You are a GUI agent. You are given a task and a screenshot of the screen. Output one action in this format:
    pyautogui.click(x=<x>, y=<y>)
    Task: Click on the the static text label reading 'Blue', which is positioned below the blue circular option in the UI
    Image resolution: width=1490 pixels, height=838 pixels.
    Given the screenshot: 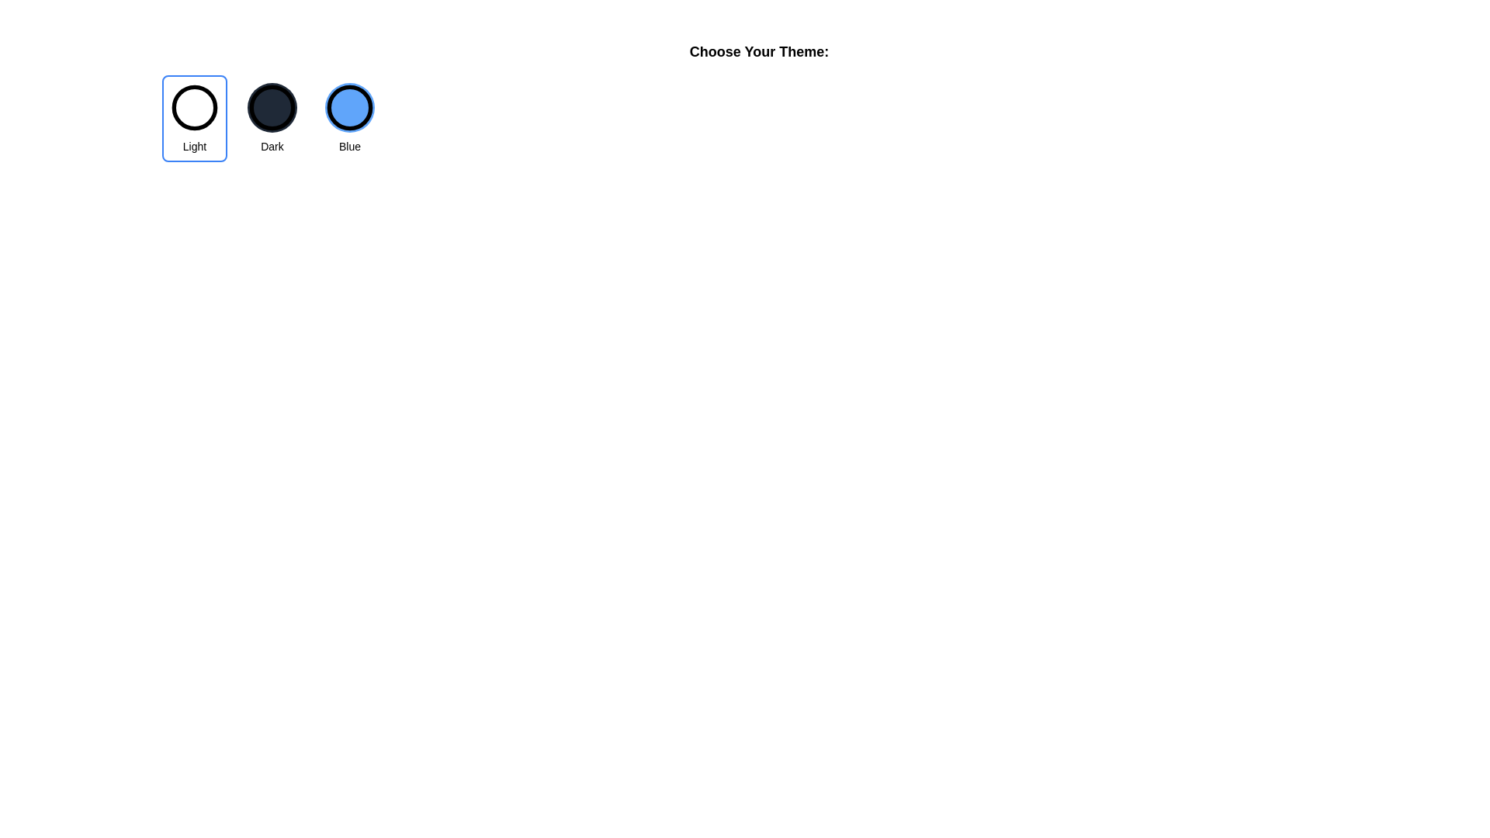 What is the action you would take?
    pyautogui.click(x=349, y=147)
    